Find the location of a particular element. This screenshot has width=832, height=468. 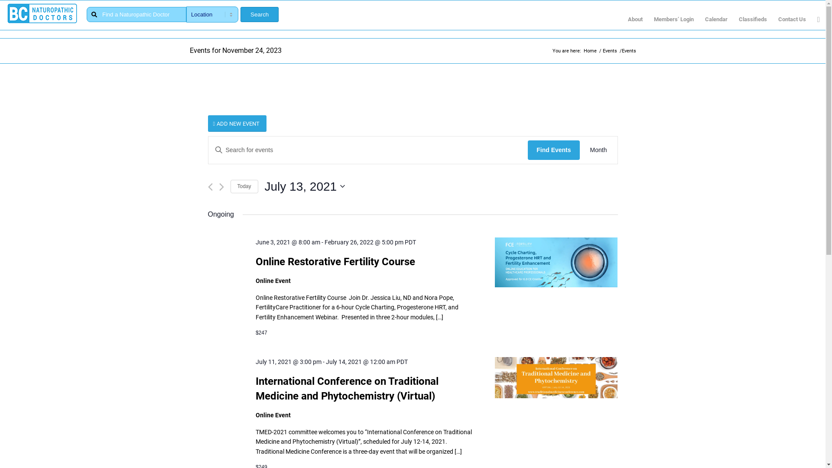

'July 13, 2021' is located at coordinates (305, 185).